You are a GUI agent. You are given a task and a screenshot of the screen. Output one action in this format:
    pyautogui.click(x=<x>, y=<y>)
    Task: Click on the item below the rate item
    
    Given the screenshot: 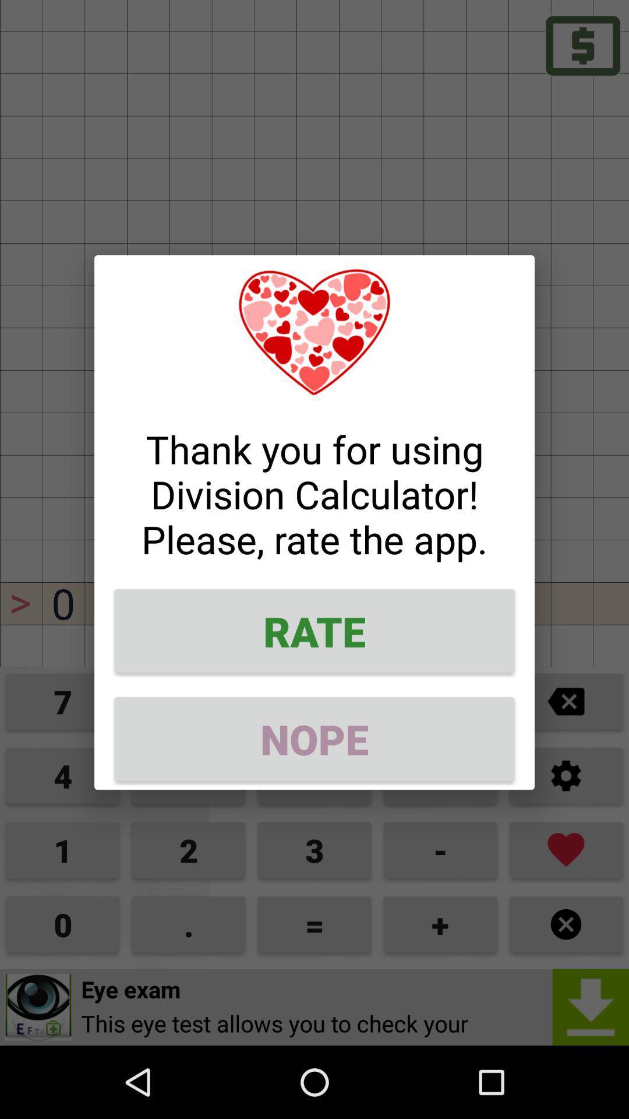 What is the action you would take?
    pyautogui.click(x=314, y=738)
    